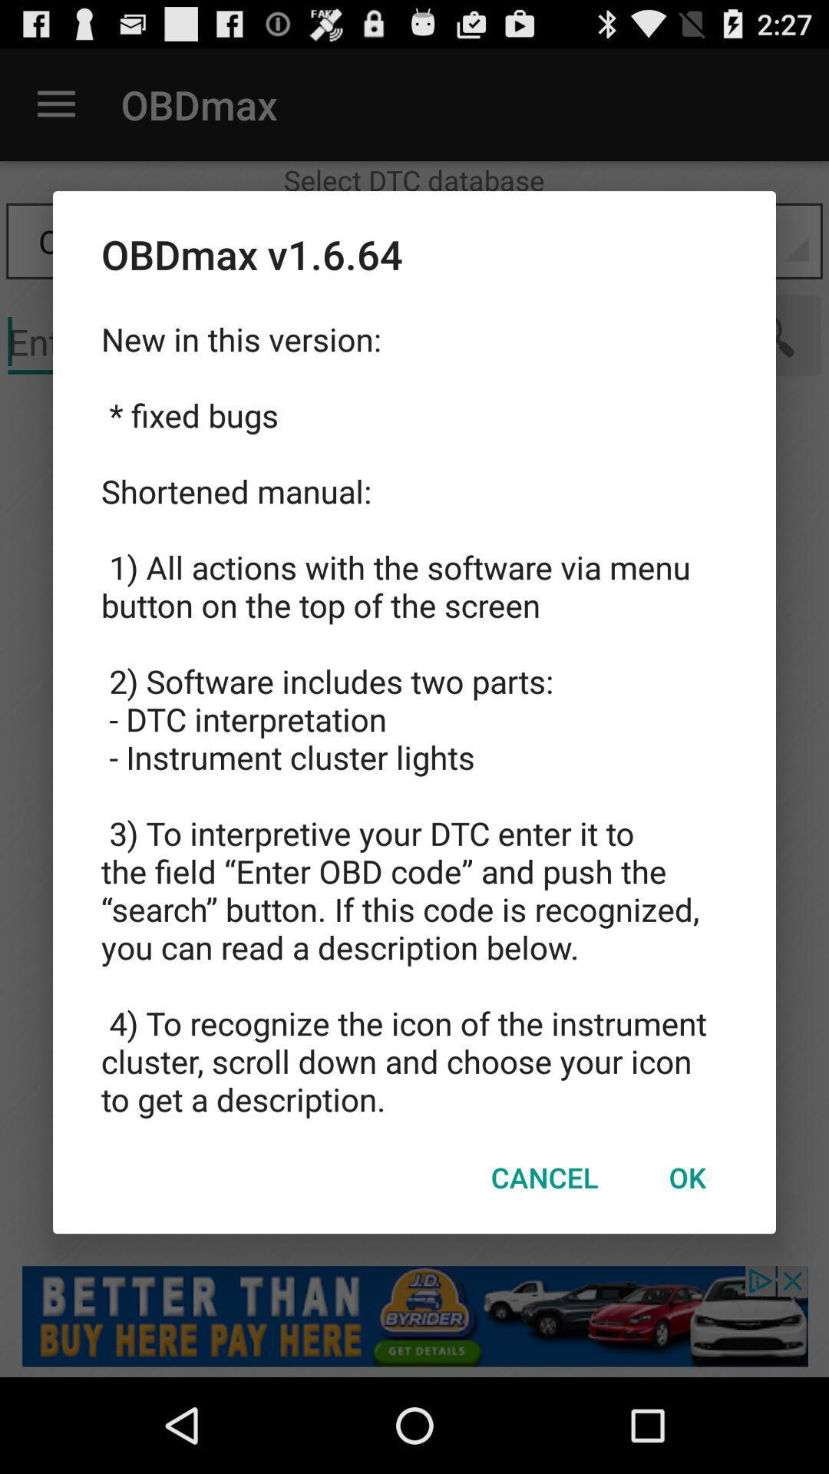  What do you see at coordinates (686, 1176) in the screenshot?
I see `the ok icon` at bounding box center [686, 1176].